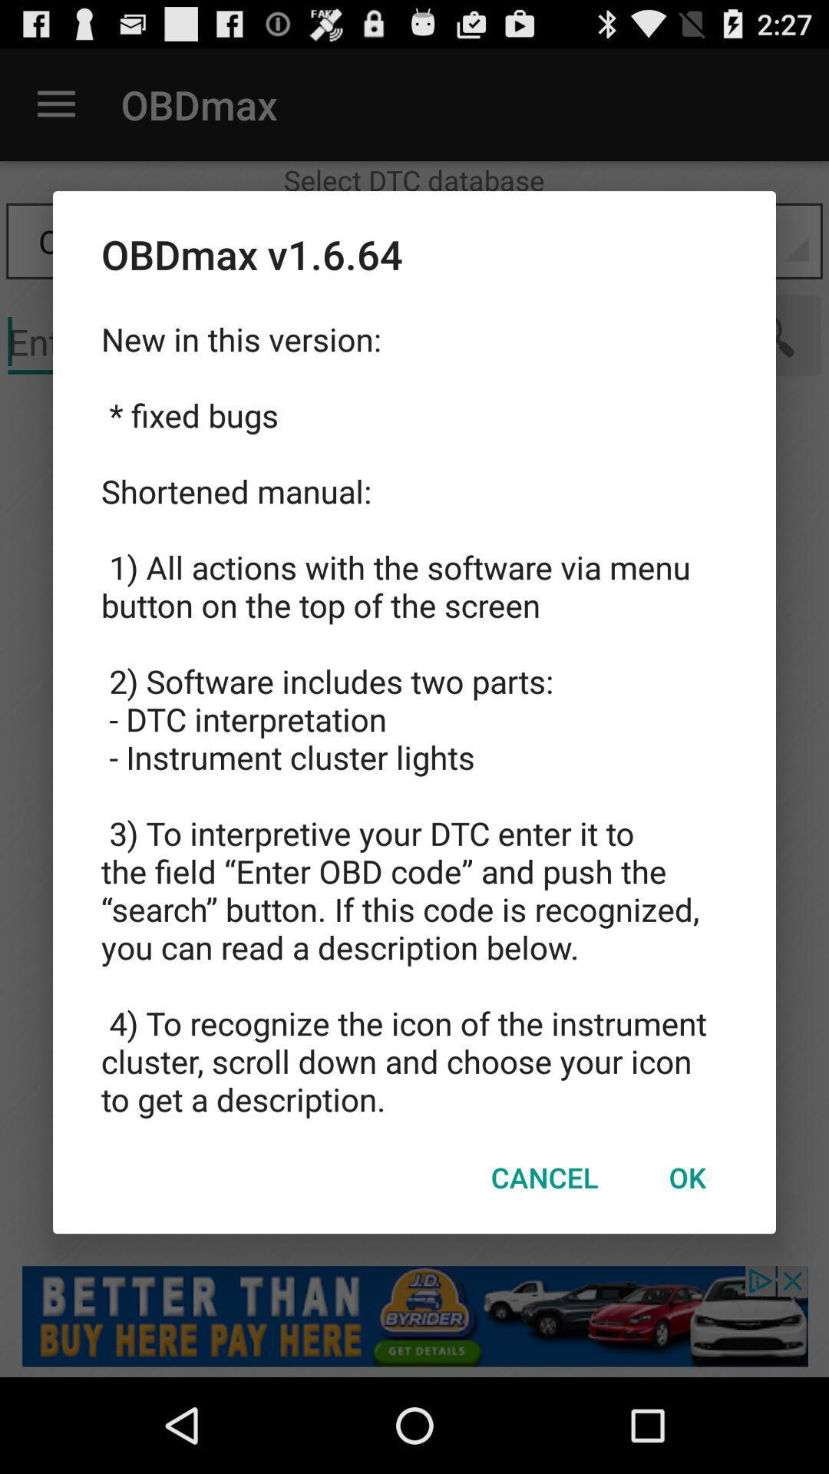  What do you see at coordinates (686, 1176) in the screenshot?
I see `the ok icon` at bounding box center [686, 1176].